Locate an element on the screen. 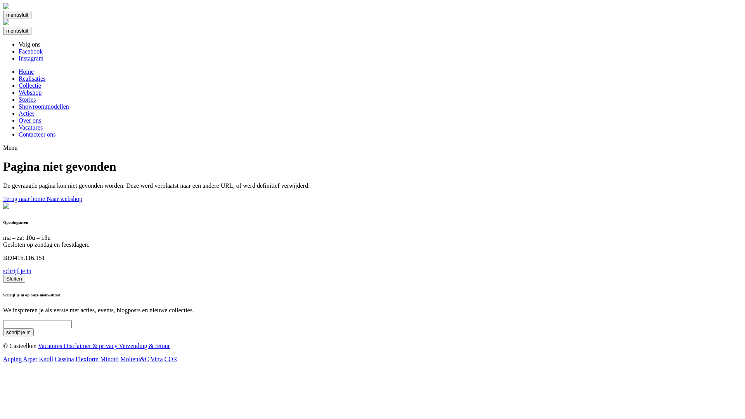  'Realisaties' is located at coordinates (31, 78).